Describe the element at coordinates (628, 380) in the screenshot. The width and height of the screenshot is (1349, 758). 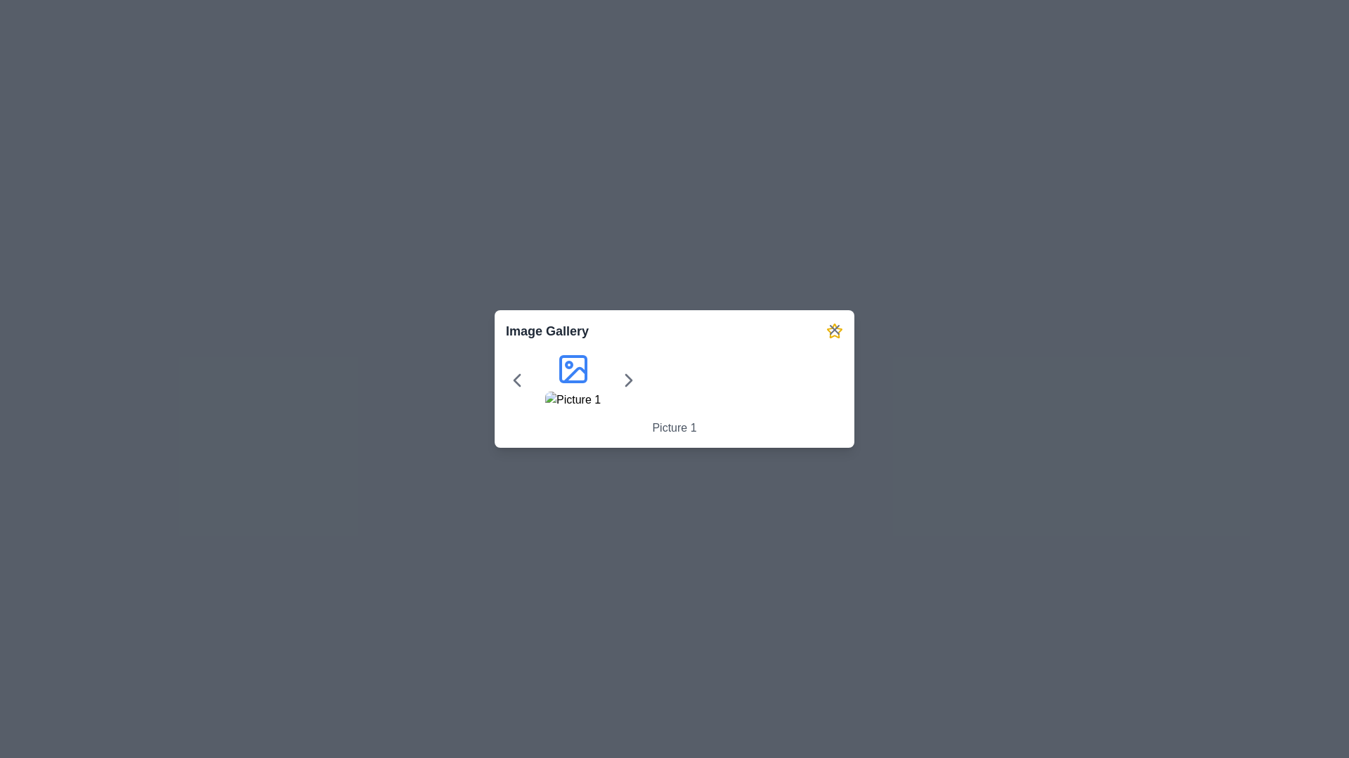
I see `the right chevron icon, which serves as a navigational control to move to the next item in the gallery` at that location.